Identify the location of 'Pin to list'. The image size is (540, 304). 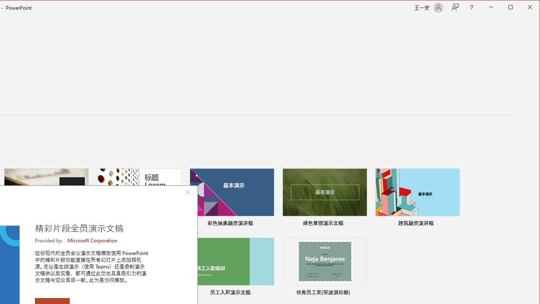
(361, 293).